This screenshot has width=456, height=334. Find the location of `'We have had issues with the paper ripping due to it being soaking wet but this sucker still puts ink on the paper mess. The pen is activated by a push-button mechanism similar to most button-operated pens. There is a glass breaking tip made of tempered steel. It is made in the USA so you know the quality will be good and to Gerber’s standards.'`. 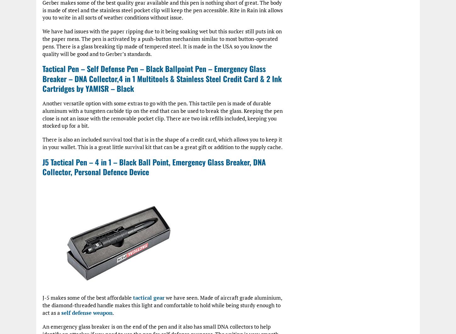

'We have had issues with the paper ripping due to it being soaking wet but this sucker still puts ink on the paper mess. The pen is activated by a push-button mechanism similar to most button-operated pens. There is a glass breaking tip made of tempered steel. It is made in the USA so you know the quality will be good and to Gerber’s standards.' is located at coordinates (42, 42).